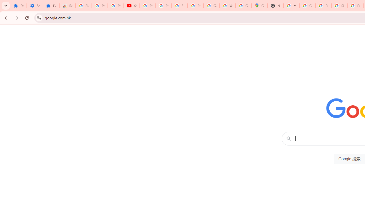  Describe the element at coordinates (259, 6) in the screenshot. I see `'Google Maps'` at that location.